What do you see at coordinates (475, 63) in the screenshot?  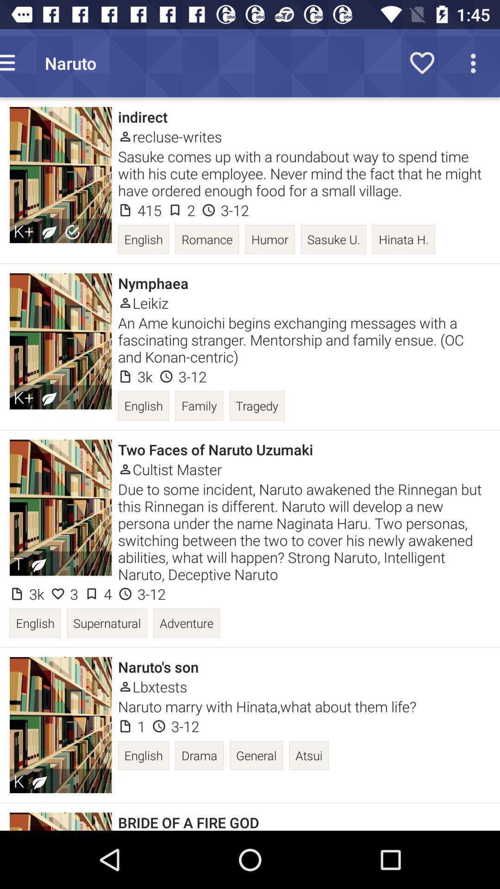 I see `the more icon` at bounding box center [475, 63].